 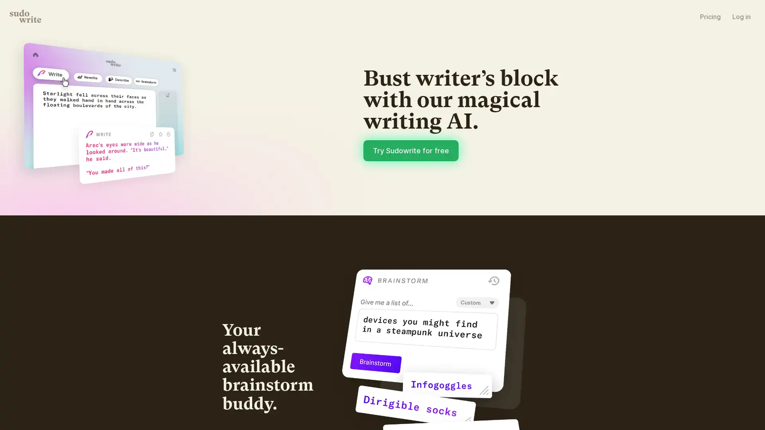 What do you see at coordinates (497, 218) in the screenshot?
I see `Try Sudowrite for free` at bounding box center [497, 218].